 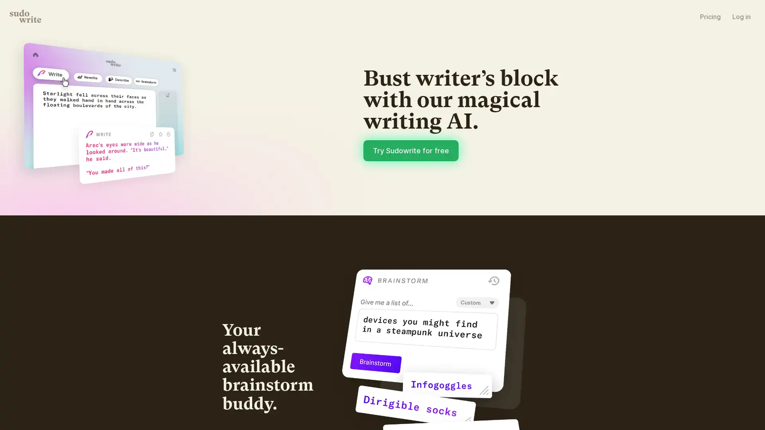 What do you see at coordinates (497, 218) in the screenshot?
I see `Try Sudowrite for free` at bounding box center [497, 218].